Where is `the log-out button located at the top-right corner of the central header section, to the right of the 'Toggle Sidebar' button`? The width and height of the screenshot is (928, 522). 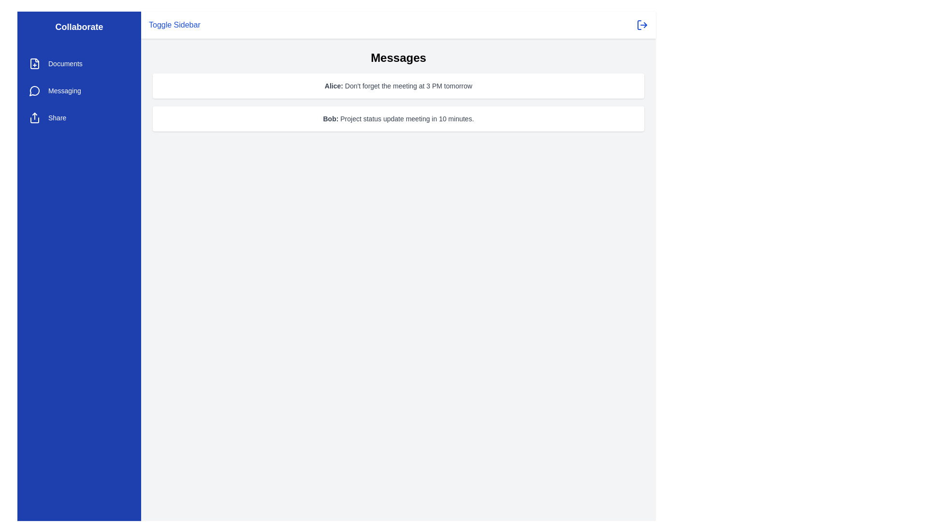
the log-out button located at the top-right corner of the central header section, to the right of the 'Toggle Sidebar' button is located at coordinates (642, 24).